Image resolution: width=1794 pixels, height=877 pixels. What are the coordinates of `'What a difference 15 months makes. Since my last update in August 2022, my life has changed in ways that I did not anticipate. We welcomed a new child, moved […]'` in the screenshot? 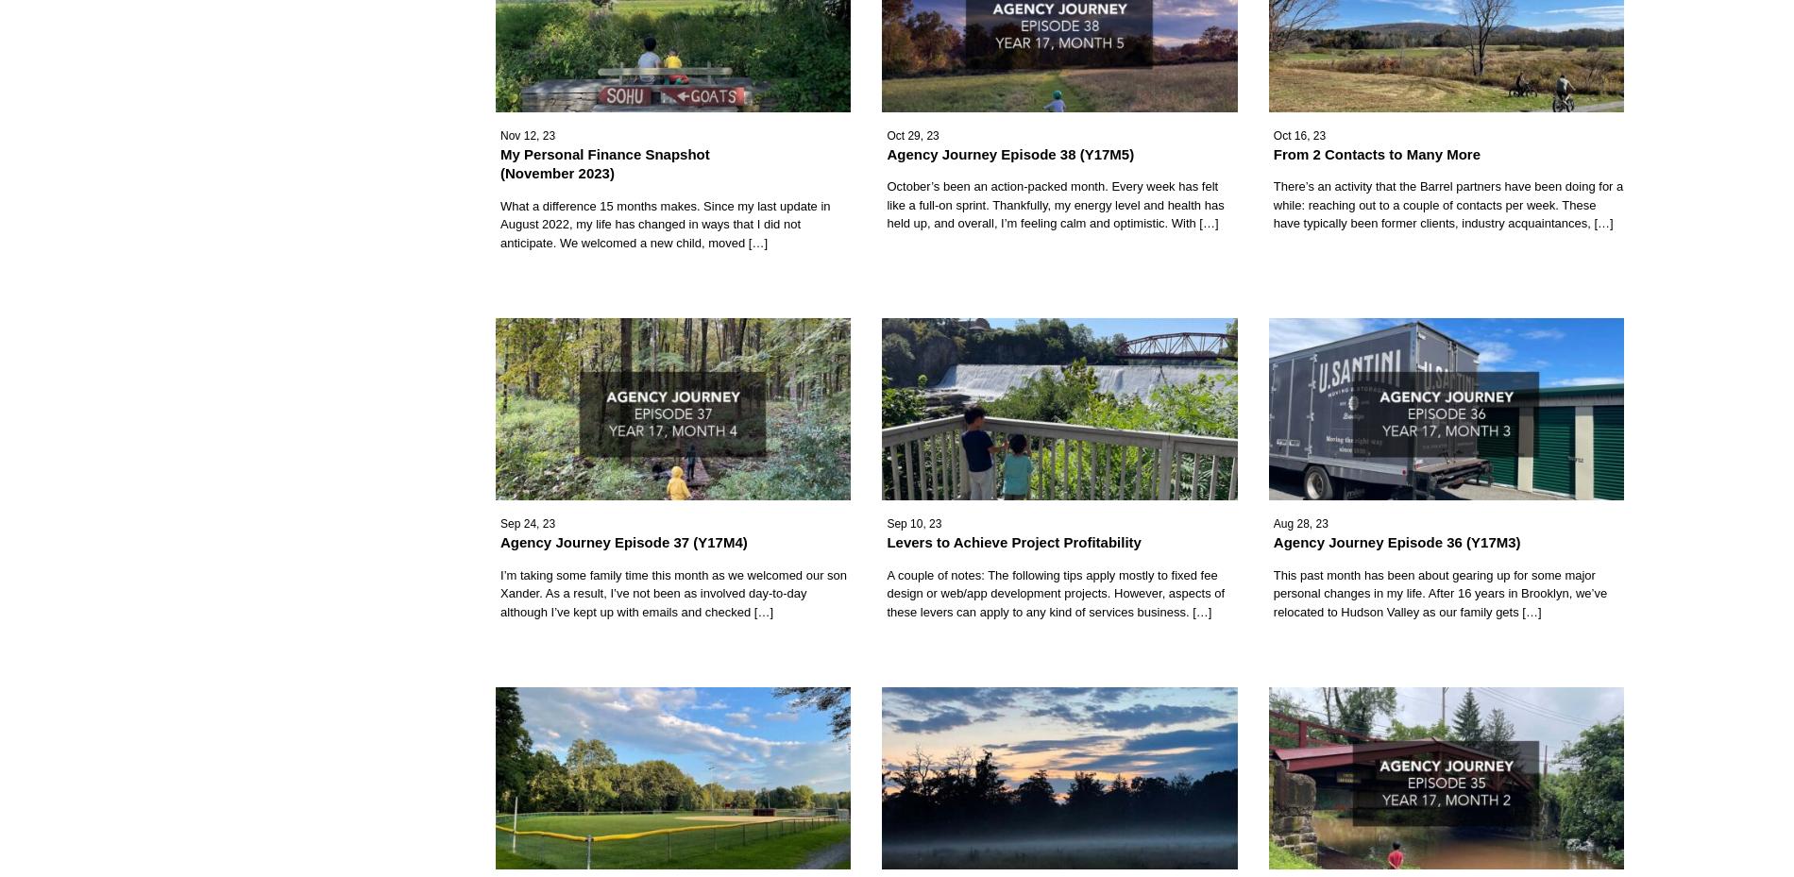 It's located at (665, 222).